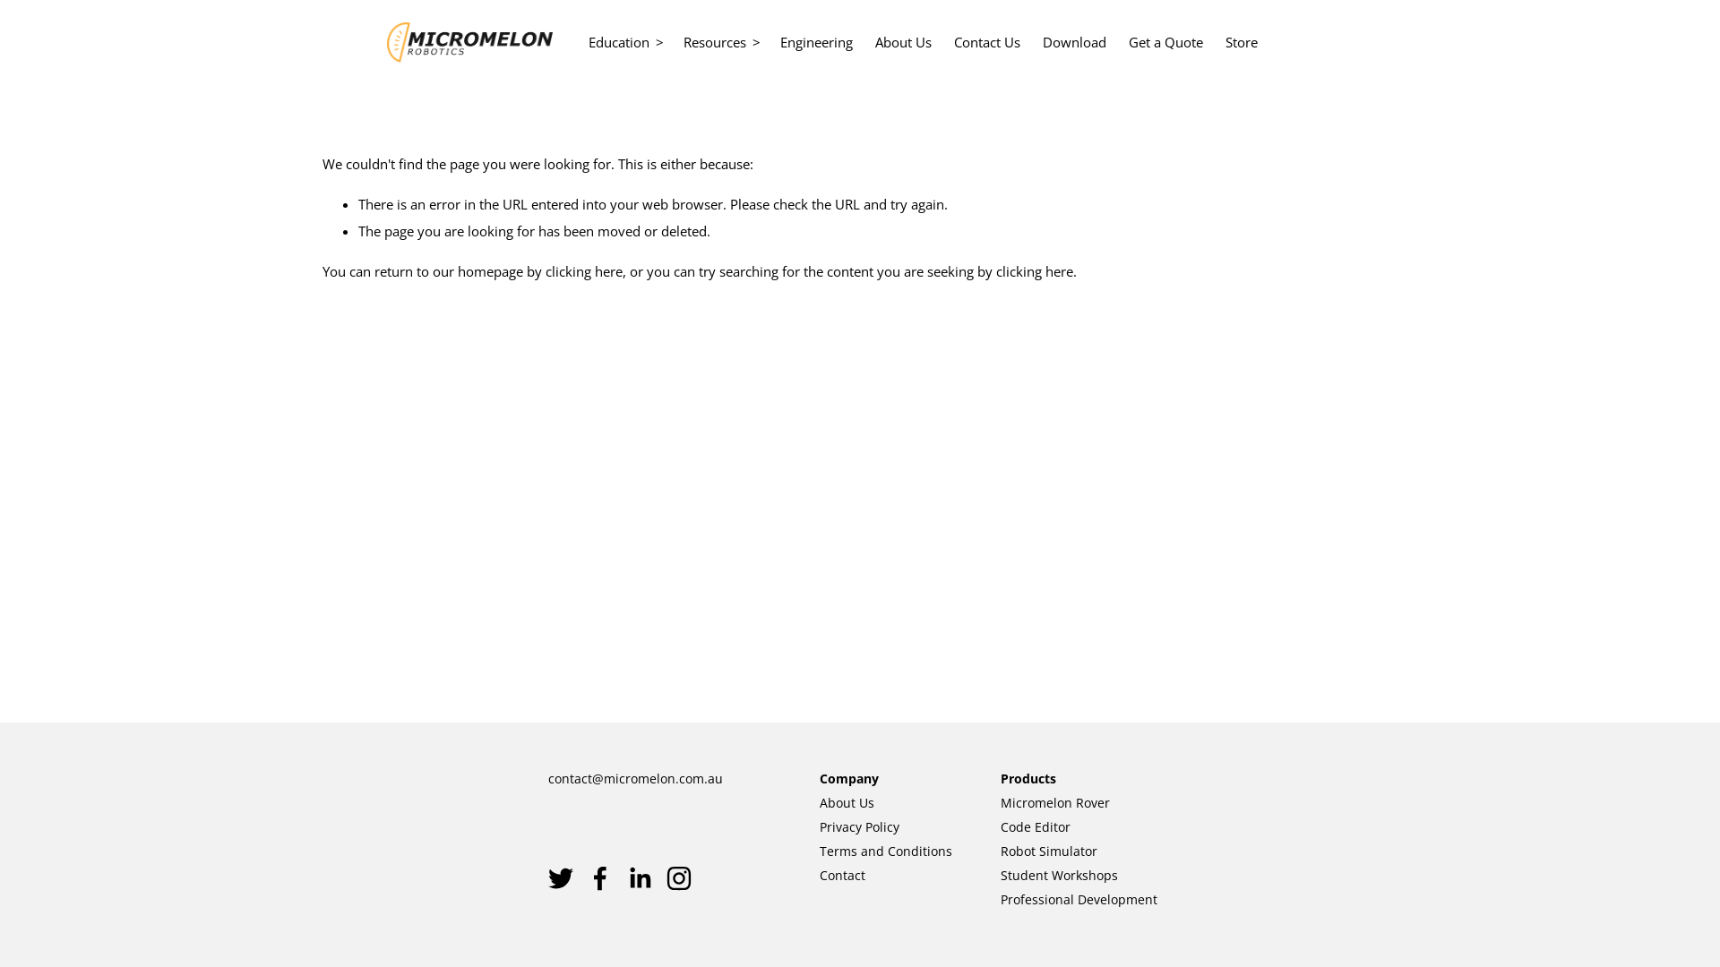 This screenshot has height=967, width=1720. Describe the element at coordinates (953, 41) in the screenshot. I see `'Contact Us'` at that location.